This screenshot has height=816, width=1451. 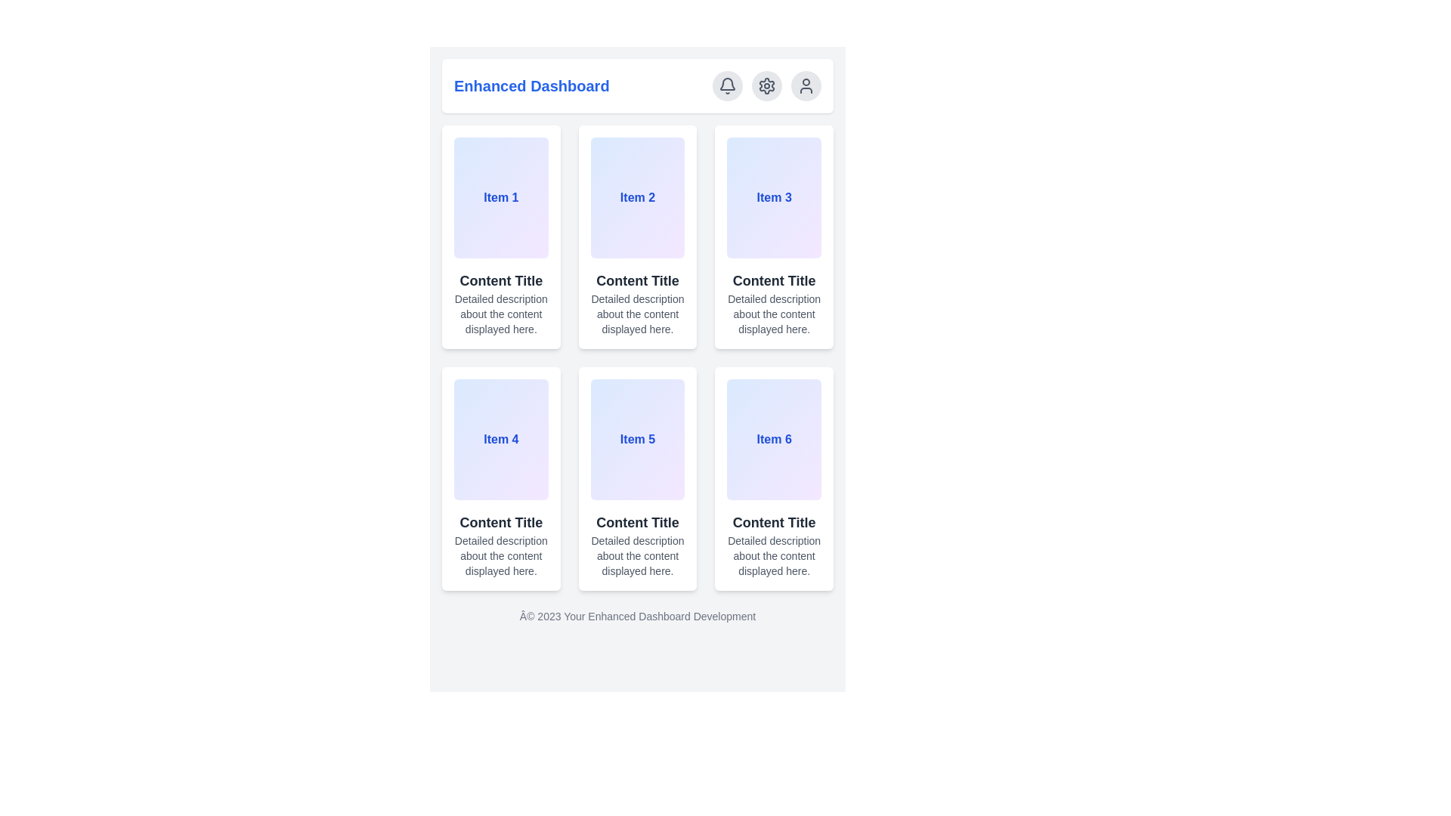 What do you see at coordinates (774, 478) in the screenshot?
I see `the sixth static display card in the grid layout, which contains the title 'Content Title', description, and identifier 'Item 6'` at bounding box center [774, 478].